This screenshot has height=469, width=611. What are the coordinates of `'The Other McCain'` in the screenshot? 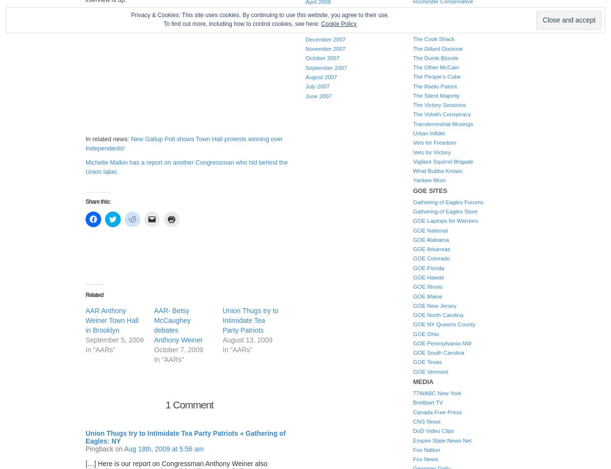 It's located at (436, 66).